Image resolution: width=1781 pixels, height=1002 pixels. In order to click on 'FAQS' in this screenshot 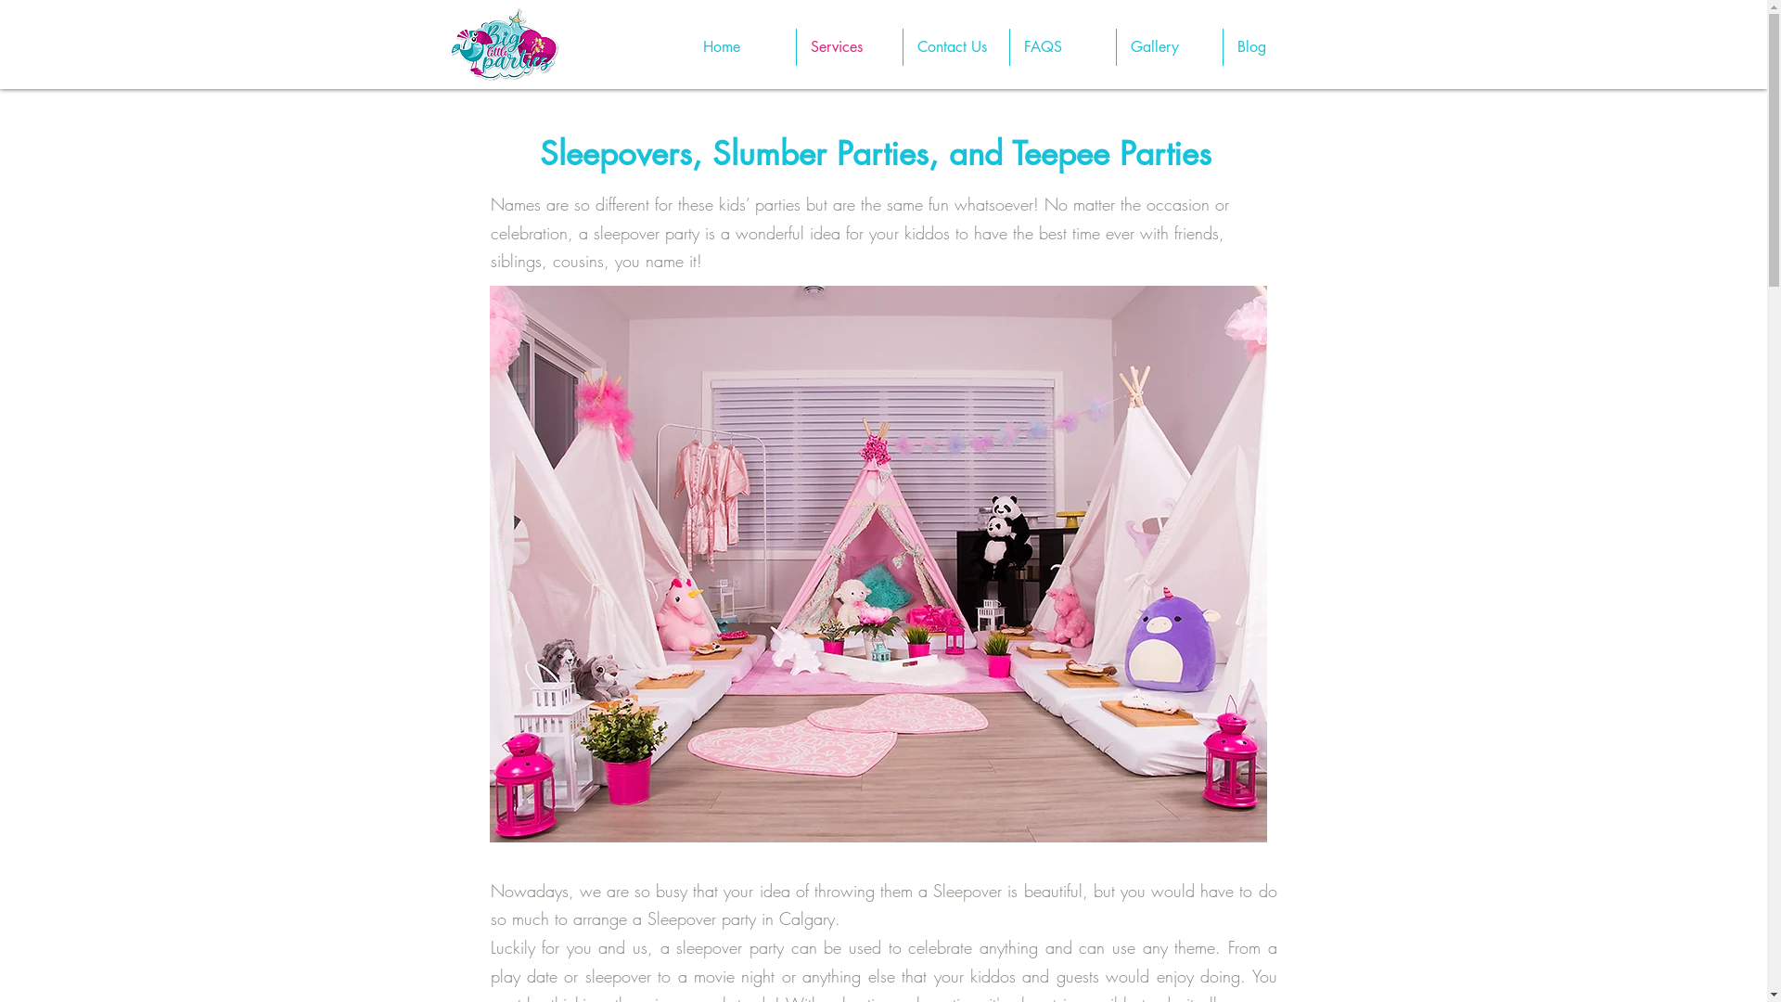, I will do `click(1062, 45)`.